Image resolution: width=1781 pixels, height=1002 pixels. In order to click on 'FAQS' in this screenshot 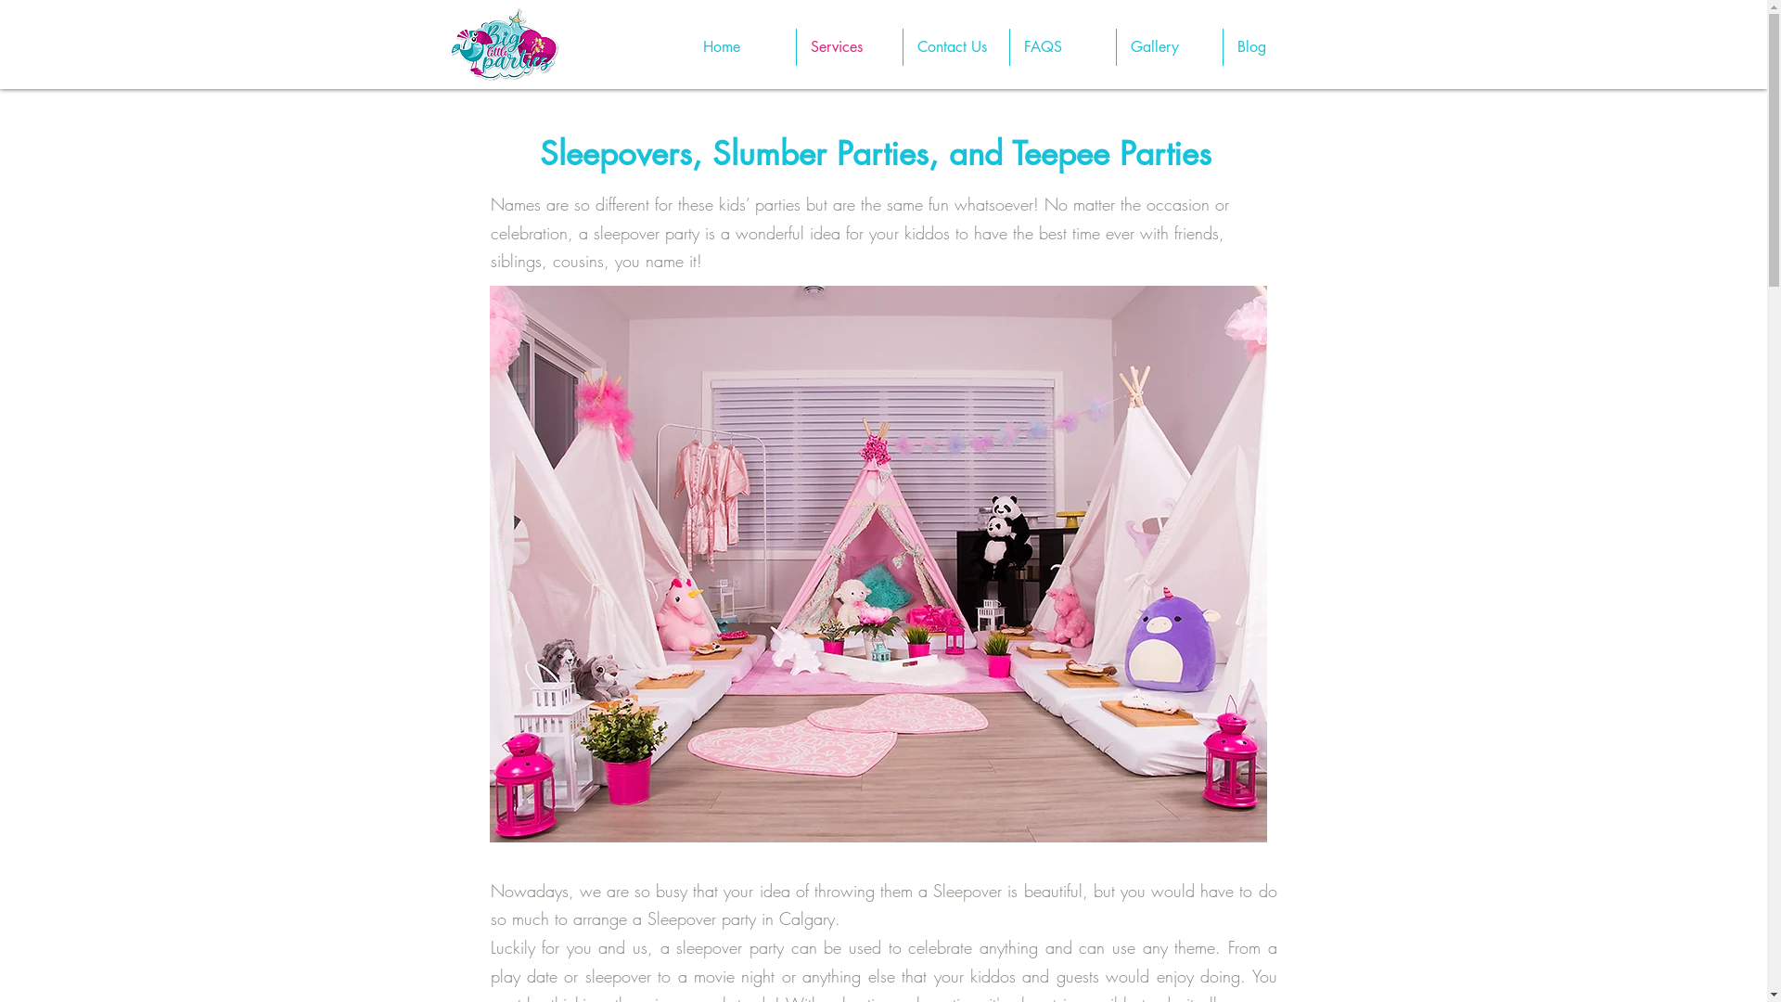, I will do `click(1062, 45)`.